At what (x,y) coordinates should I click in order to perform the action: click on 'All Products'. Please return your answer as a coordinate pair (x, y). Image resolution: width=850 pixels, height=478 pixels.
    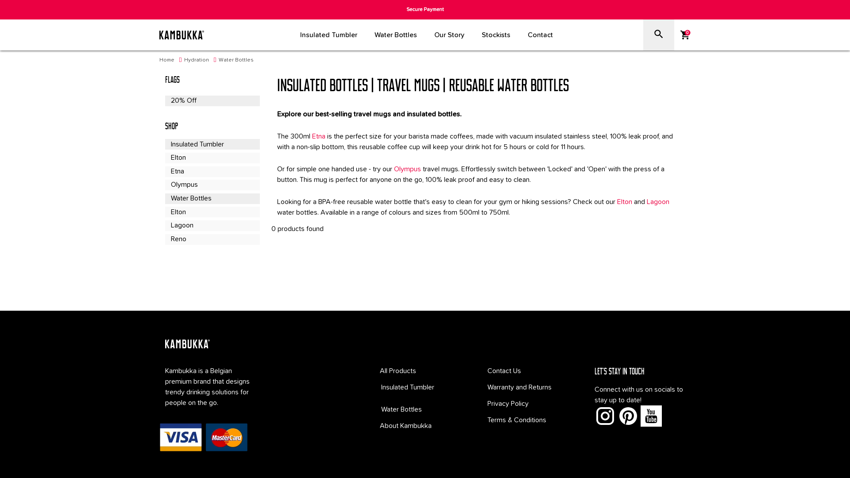
    Looking at the image, I should click on (397, 370).